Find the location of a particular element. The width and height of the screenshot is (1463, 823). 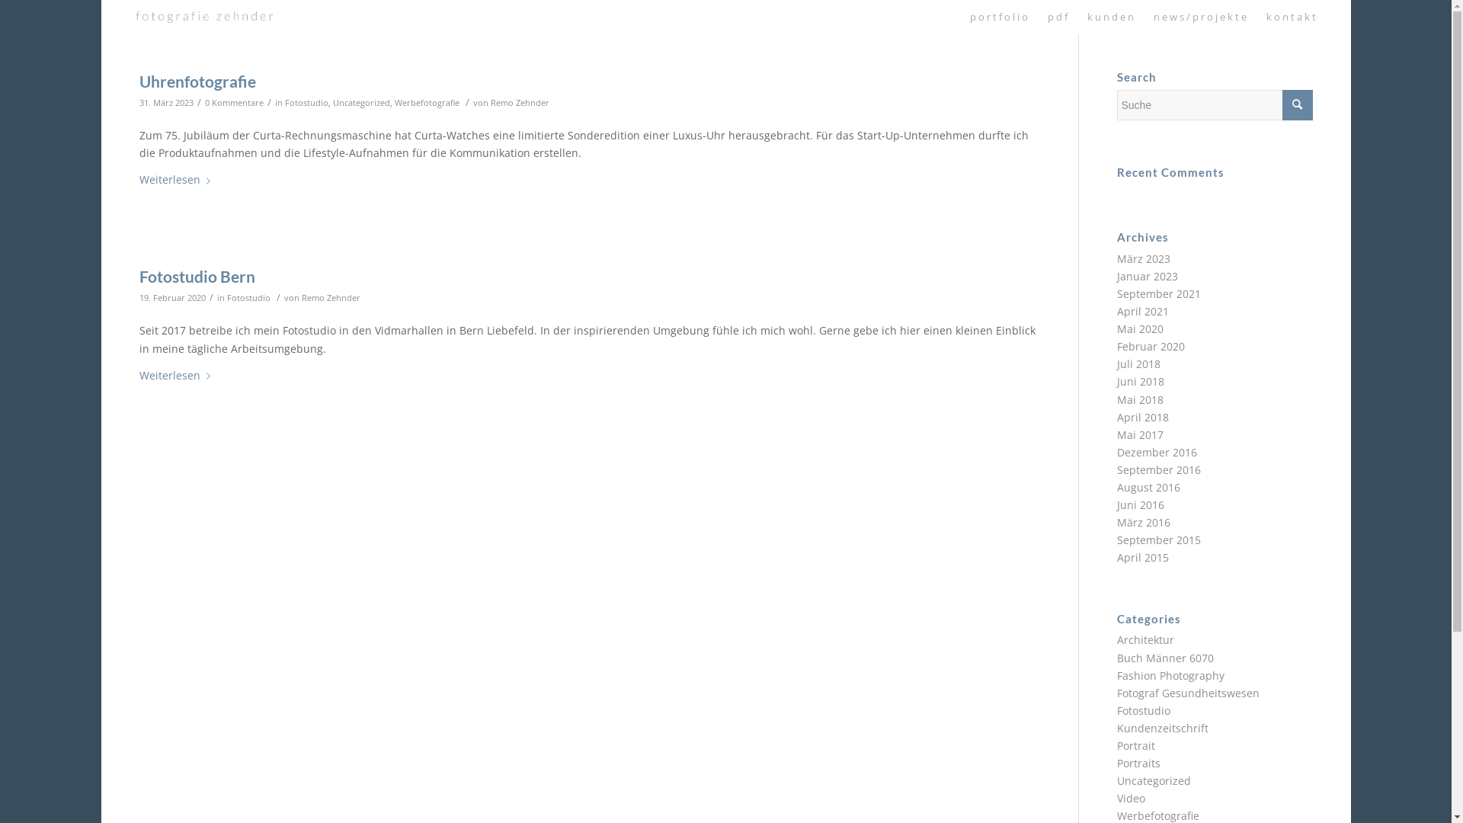

'Mai 2017' is located at coordinates (1140, 434).